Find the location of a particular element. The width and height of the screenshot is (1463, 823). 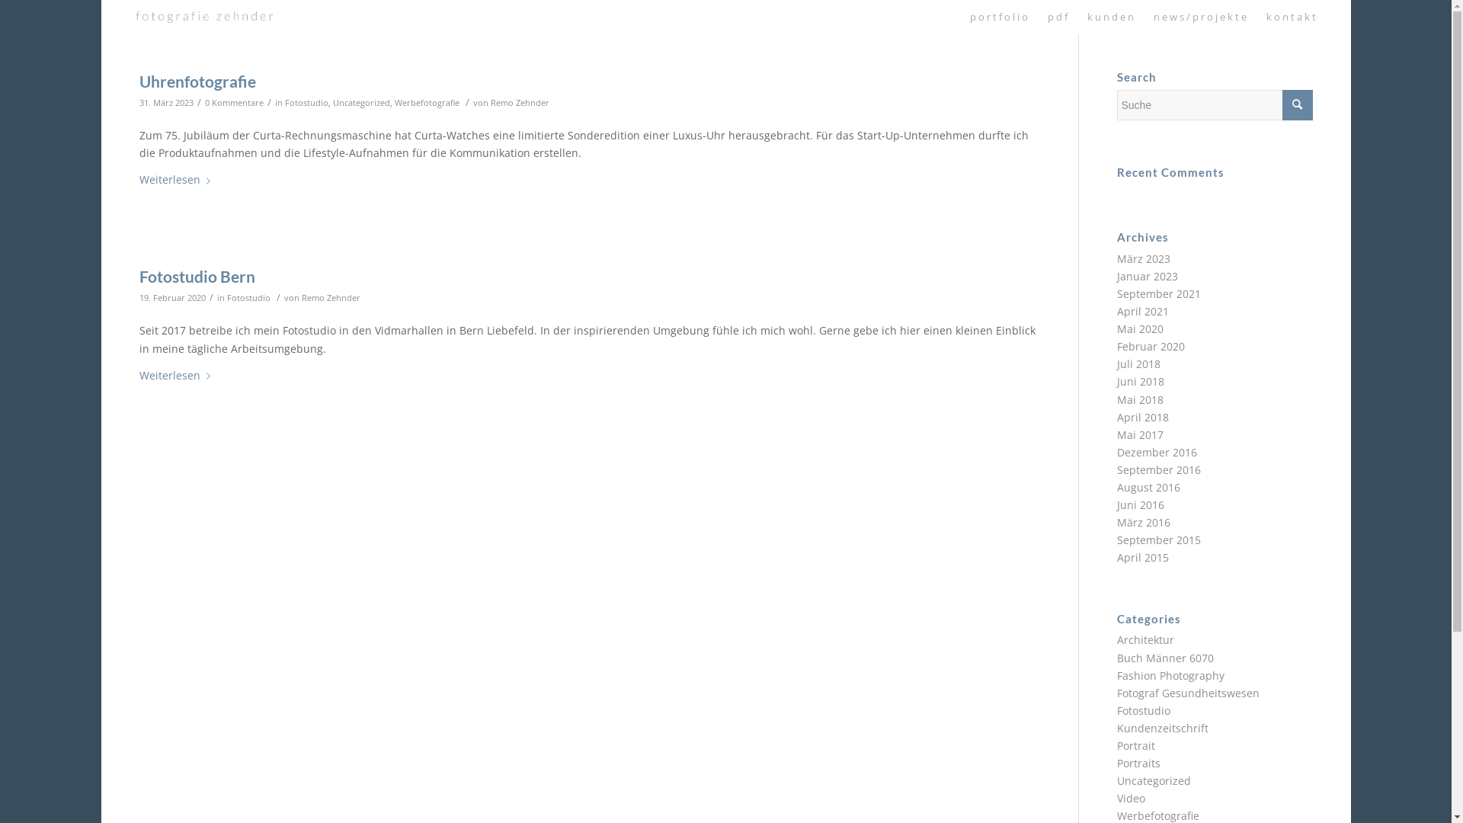

'Mai 2017' is located at coordinates (1140, 434).